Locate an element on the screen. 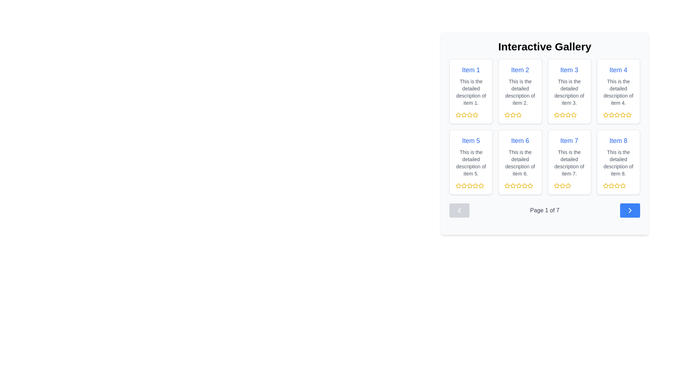  the yellow star-shaped icon indicating the second star in the rating group for 'Item 5' is located at coordinates (476, 185).